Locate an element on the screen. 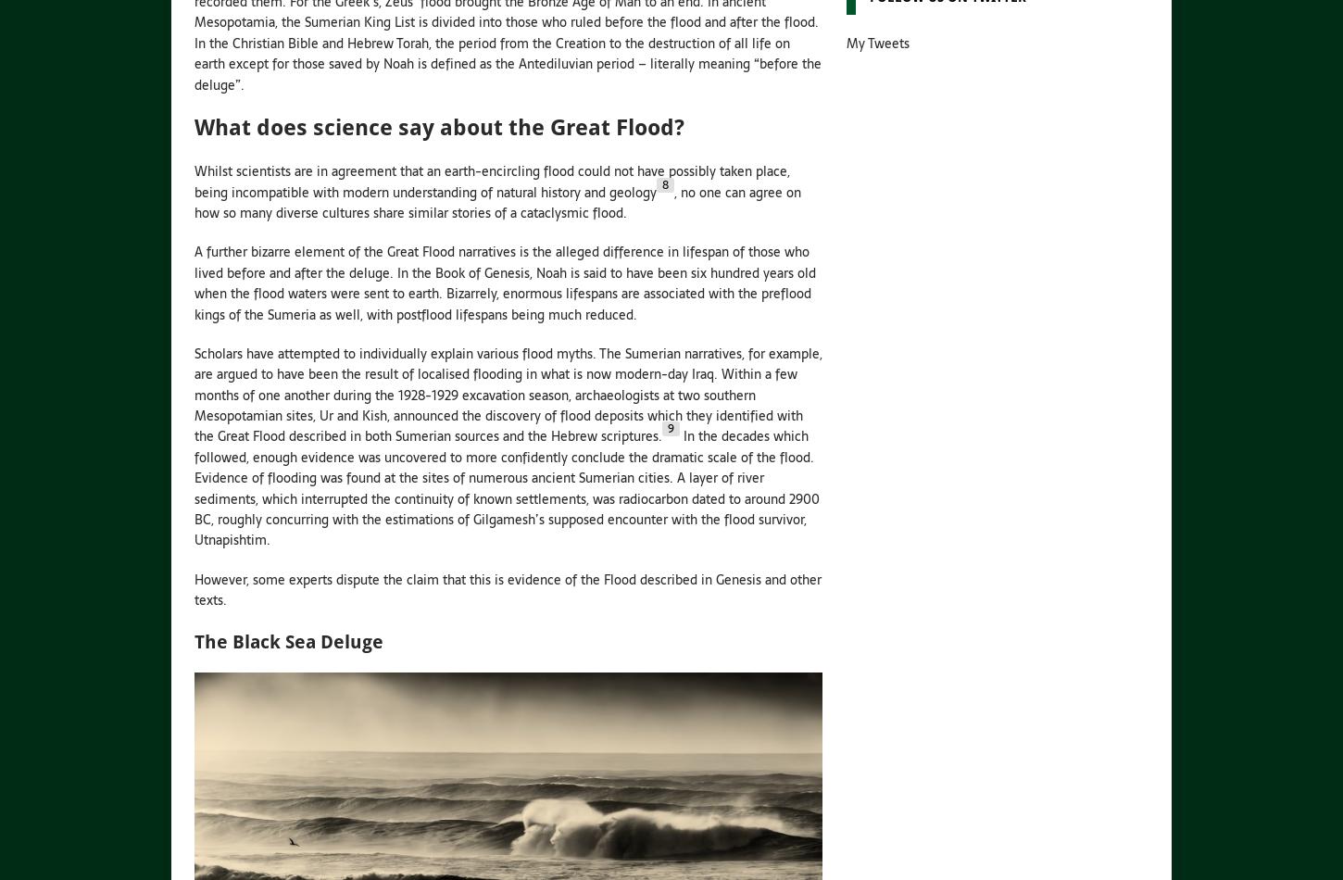 Image resolution: width=1343 pixels, height=880 pixels. 'My Tweets' is located at coordinates (875, 44).